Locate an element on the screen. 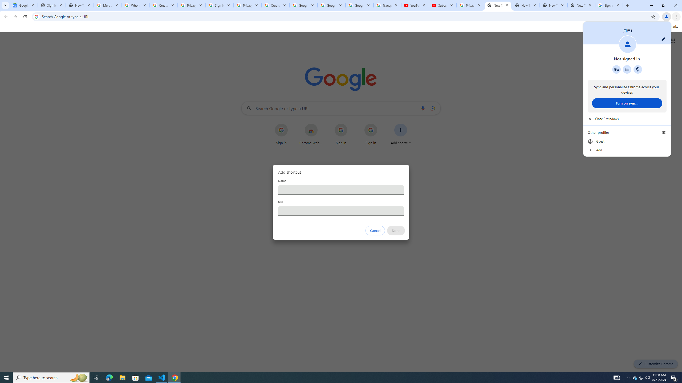 Image resolution: width=682 pixels, height=383 pixels. 'Who is my administrator? - Google Account Help' is located at coordinates (136, 5).